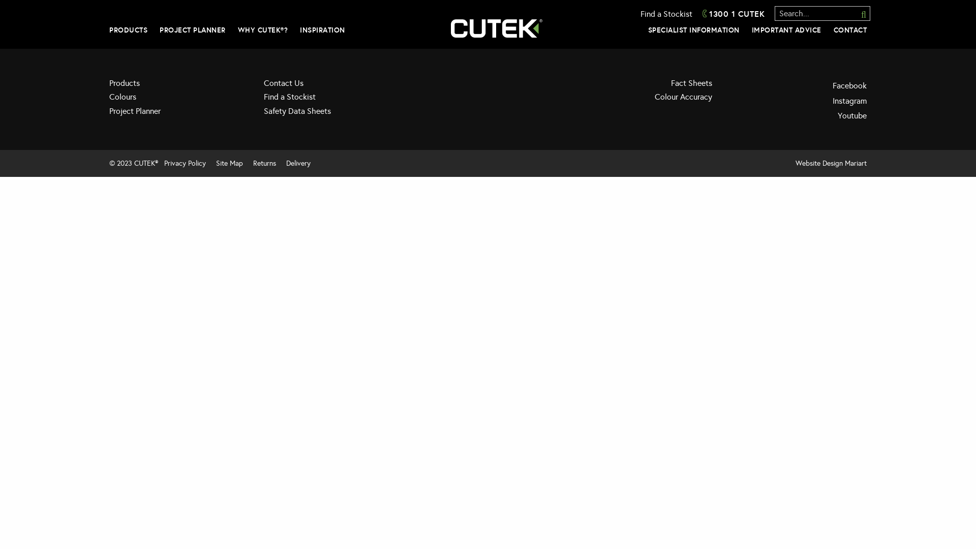 The width and height of the screenshot is (976, 549). What do you see at coordinates (647, 29) in the screenshot?
I see `'SPECIALIST INFORMATION'` at bounding box center [647, 29].